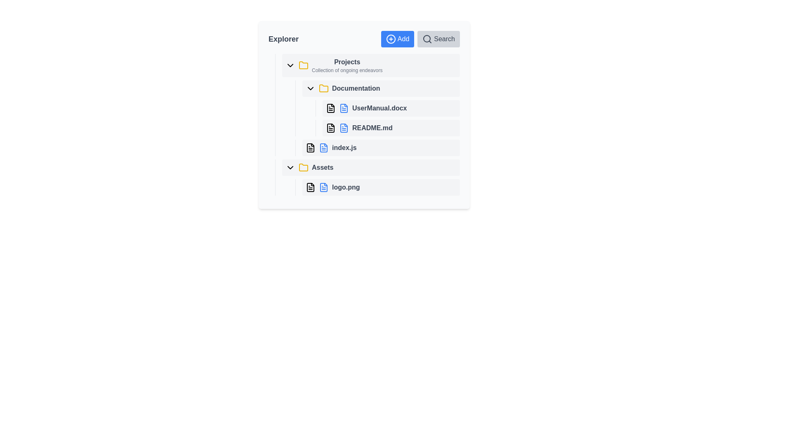  I want to click on the chevron icon next to the 'Projects' label, so click(290, 65).